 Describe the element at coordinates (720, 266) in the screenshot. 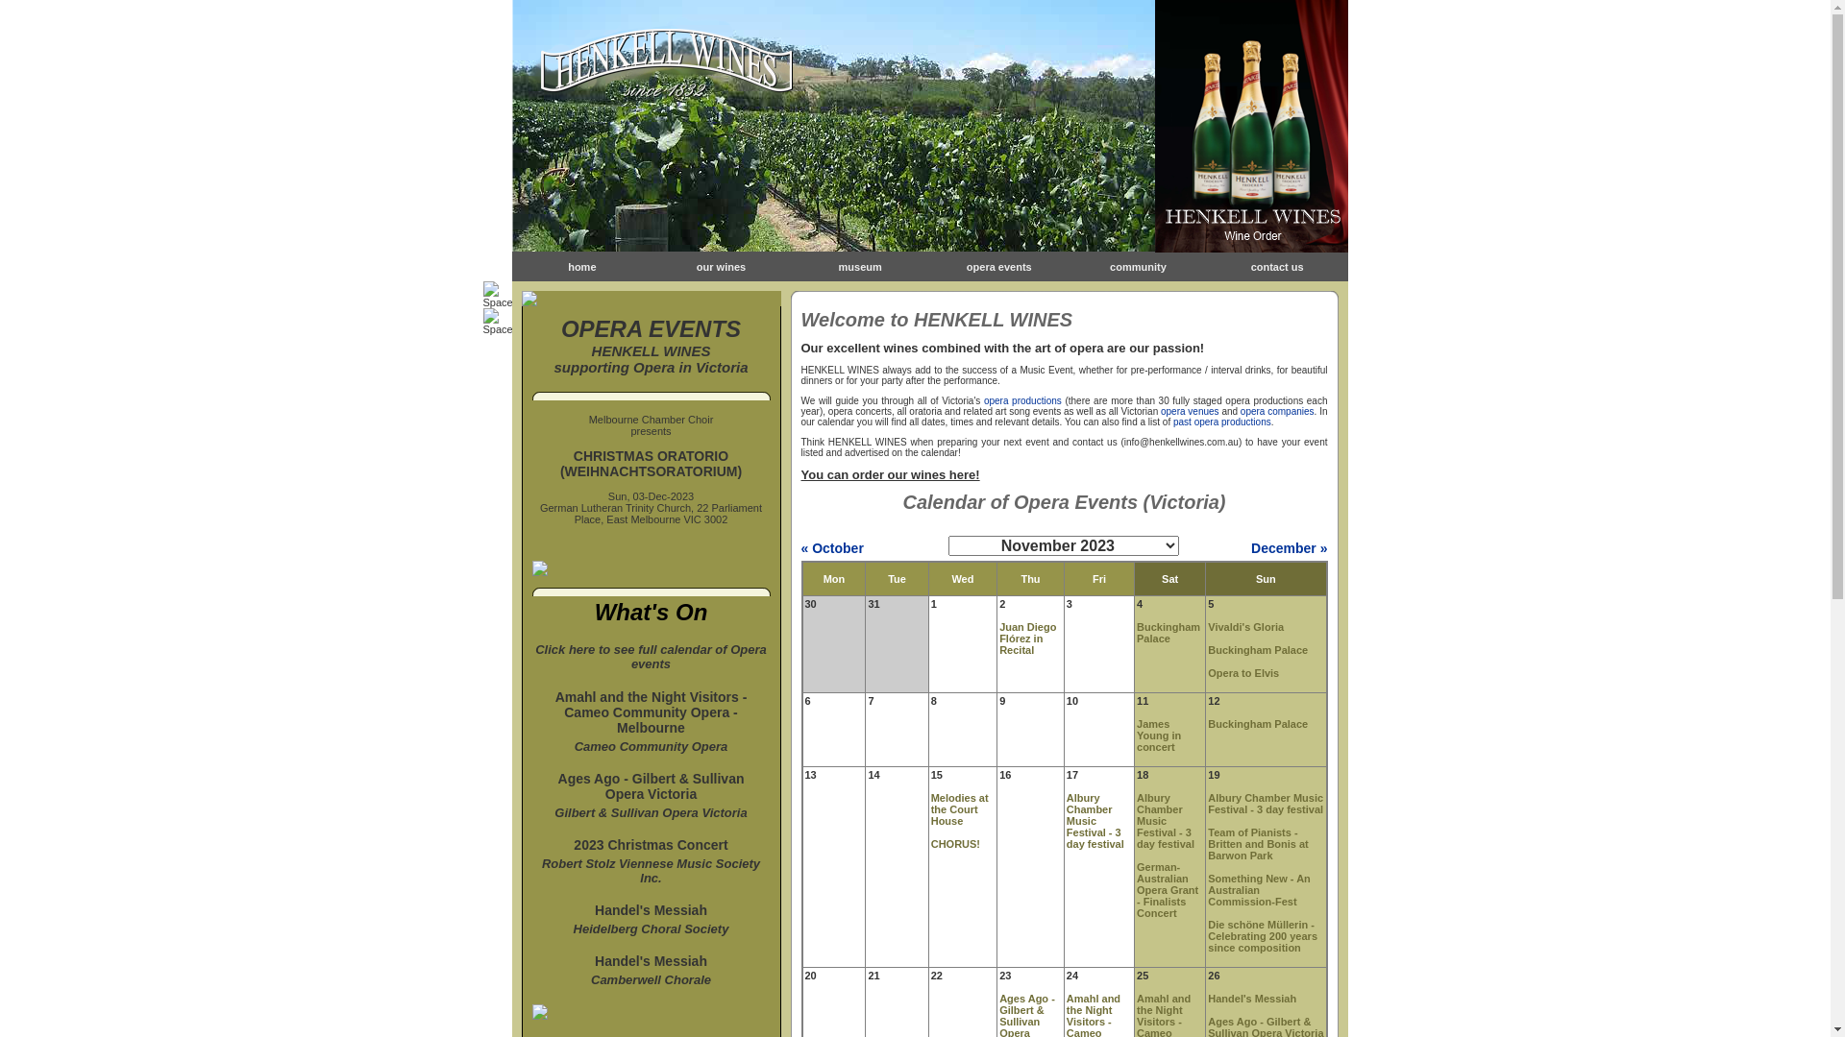

I see `'our wines'` at that location.